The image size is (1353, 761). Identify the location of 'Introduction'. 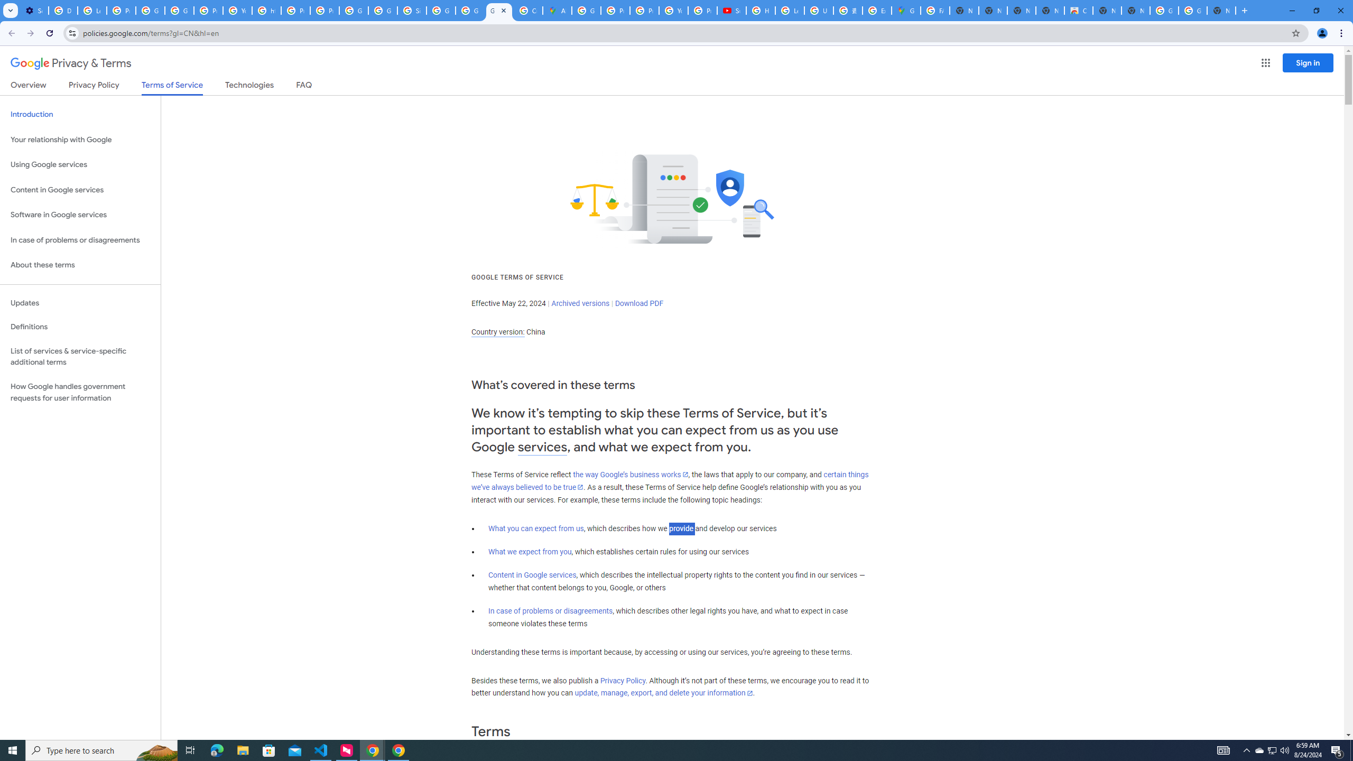
(80, 114).